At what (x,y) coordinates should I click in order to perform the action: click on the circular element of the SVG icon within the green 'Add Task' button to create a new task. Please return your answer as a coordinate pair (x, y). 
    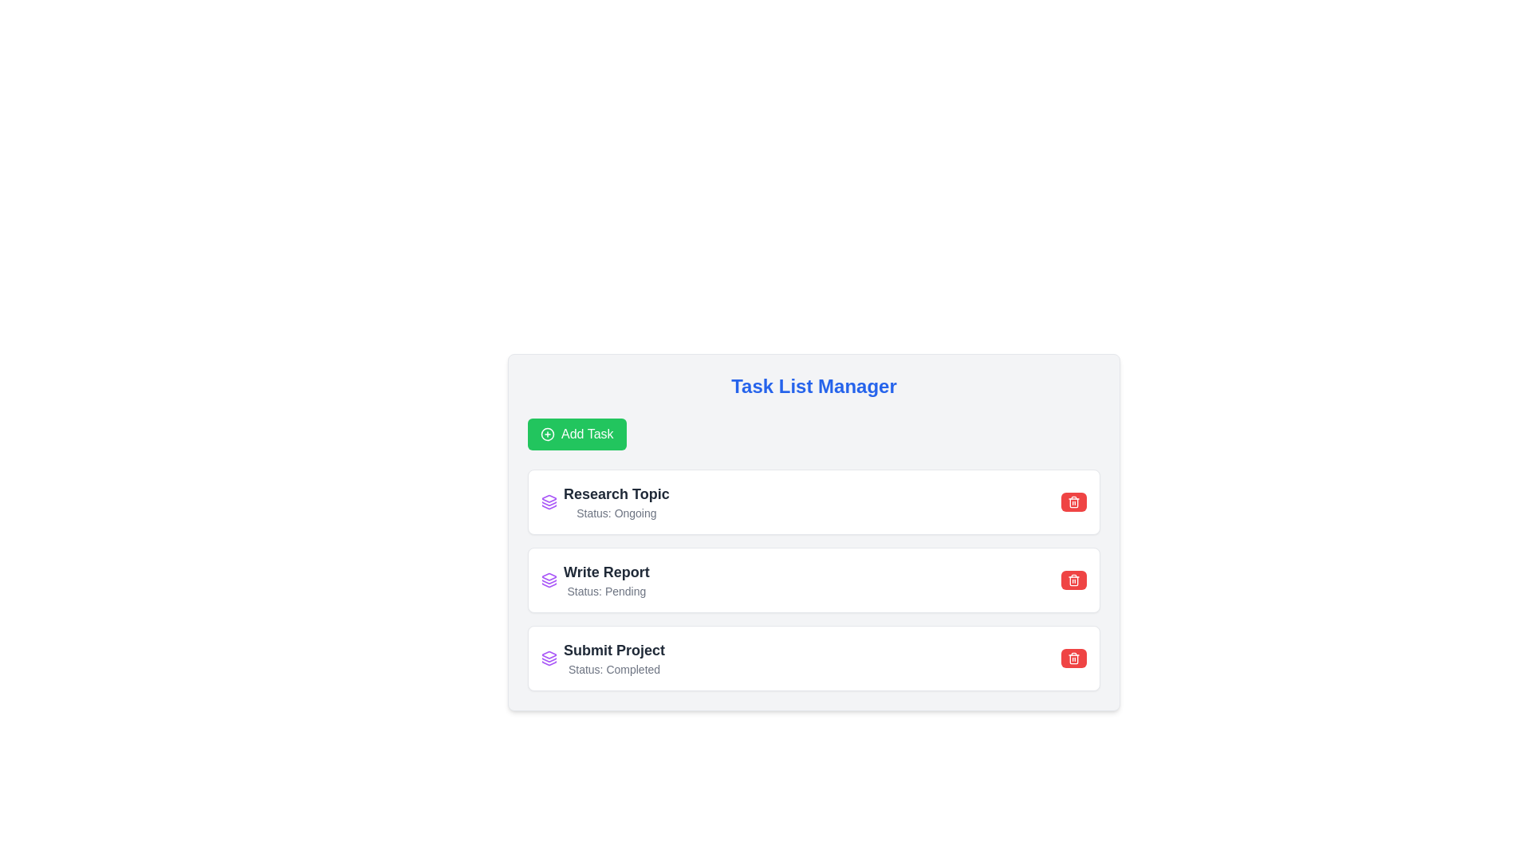
    Looking at the image, I should click on (547, 434).